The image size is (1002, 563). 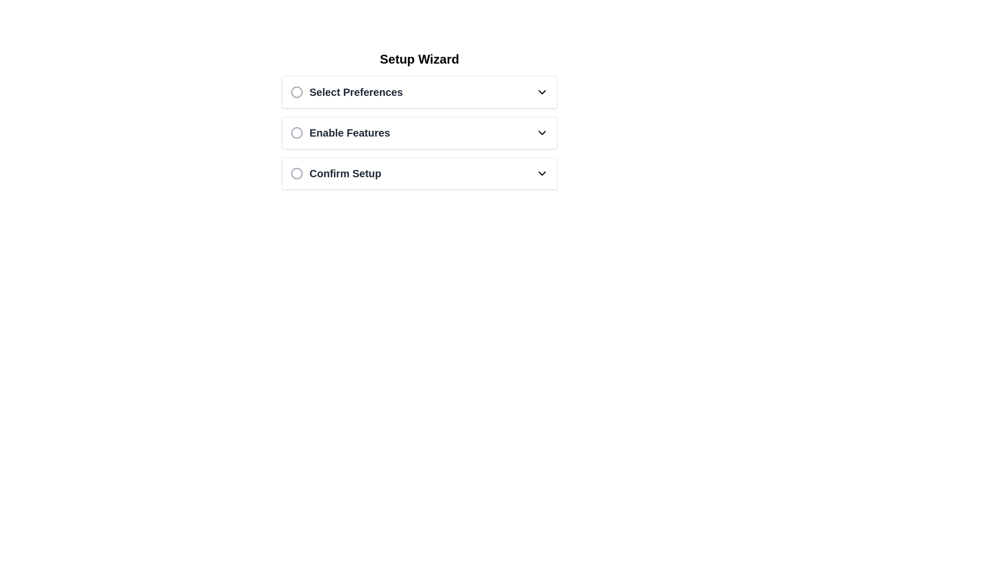 I want to click on the interactive list item in the second row of the 'Setup Wizard', so click(x=420, y=132).